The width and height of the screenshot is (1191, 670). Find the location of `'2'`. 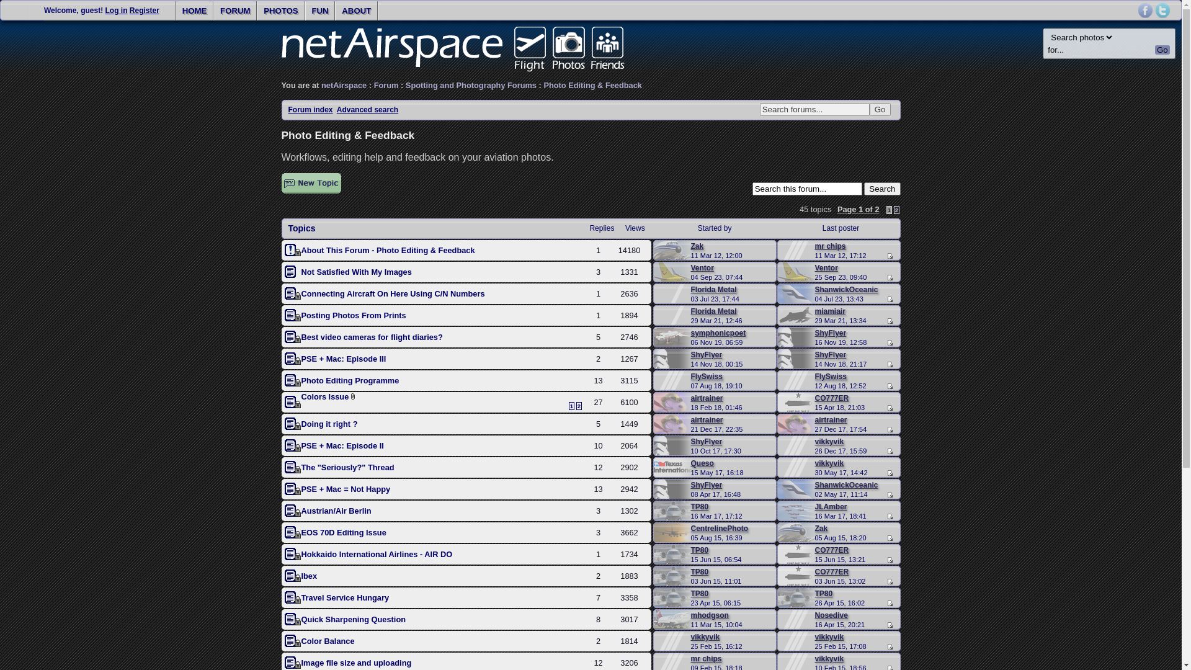

'2' is located at coordinates (893, 209).